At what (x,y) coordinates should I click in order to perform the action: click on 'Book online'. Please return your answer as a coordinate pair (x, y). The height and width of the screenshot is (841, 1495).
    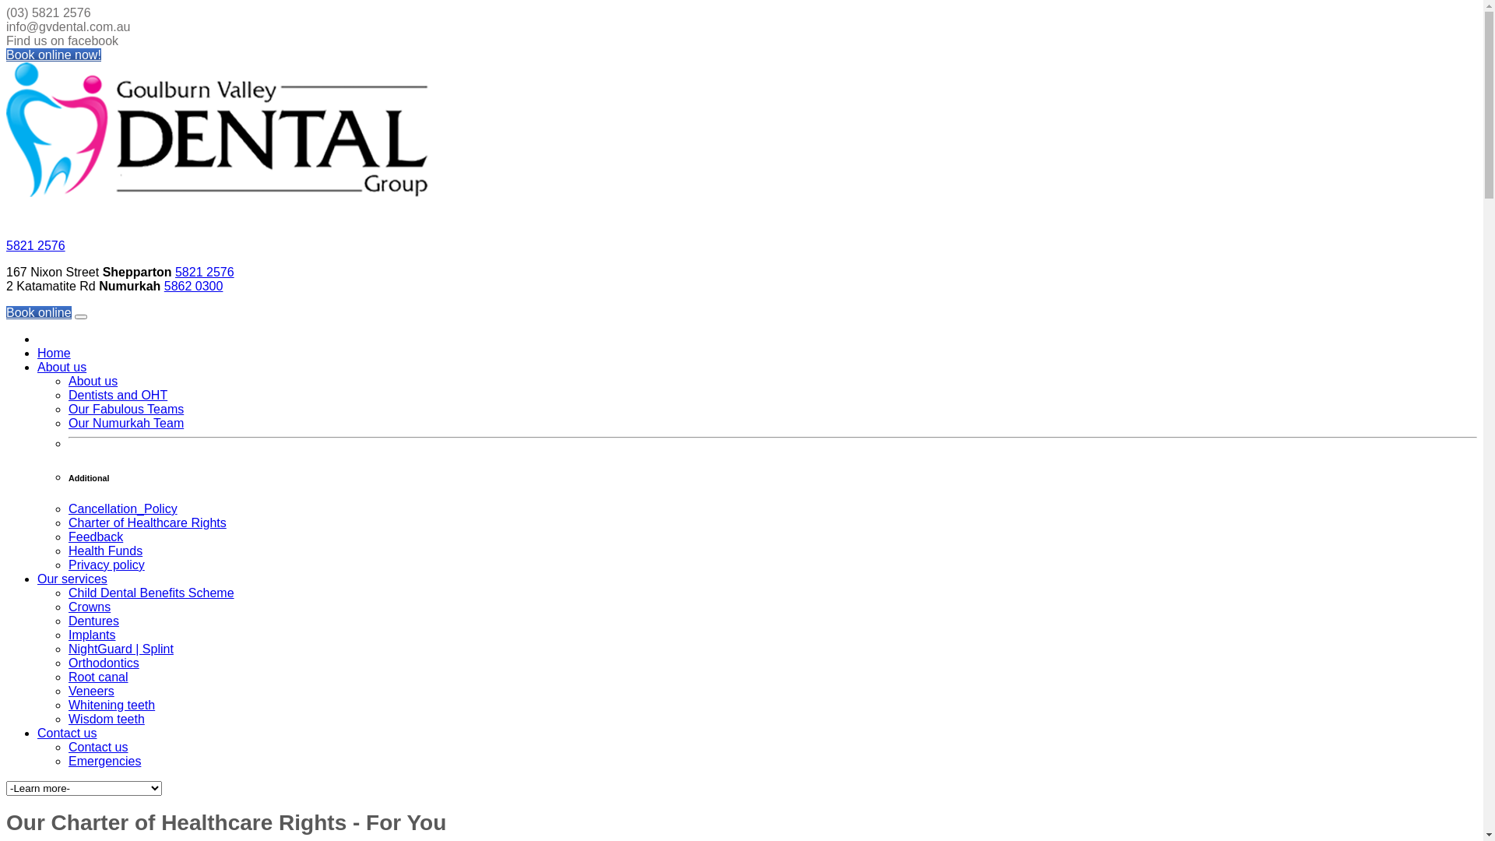
    Looking at the image, I should click on (6, 312).